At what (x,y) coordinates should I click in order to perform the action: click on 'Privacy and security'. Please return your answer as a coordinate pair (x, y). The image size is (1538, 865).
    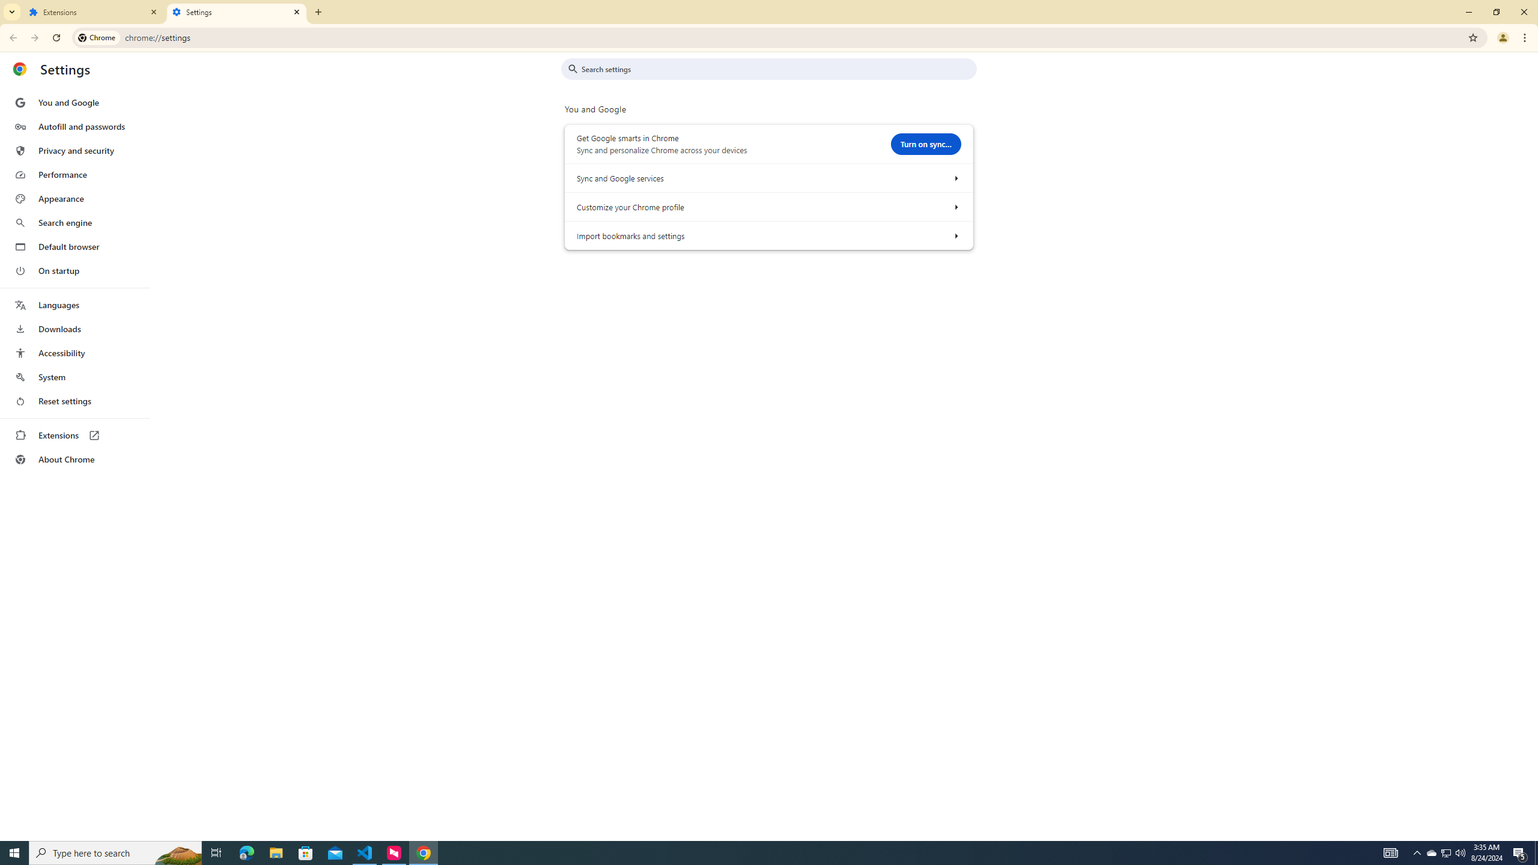
    Looking at the image, I should click on (74, 150).